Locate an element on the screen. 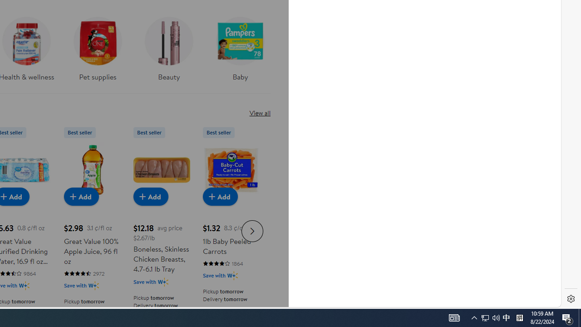 This screenshot has height=327, width=581. 'Beauty' is located at coordinates (168, 52).